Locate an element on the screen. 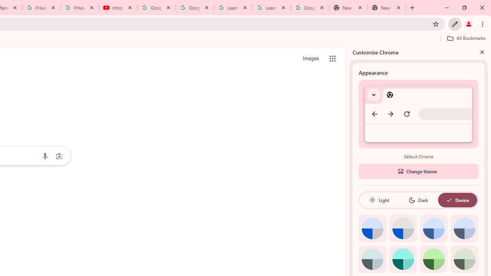 The height and width of the screenshot is (276, 491). 'Search for Images ' is located at coordinates (311, 58).